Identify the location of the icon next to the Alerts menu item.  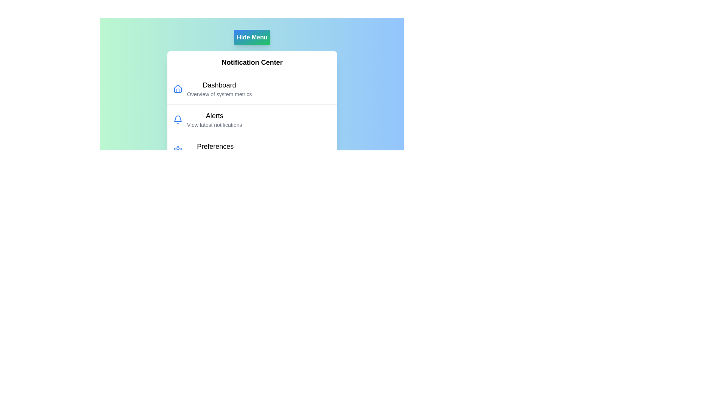
(178, 119).